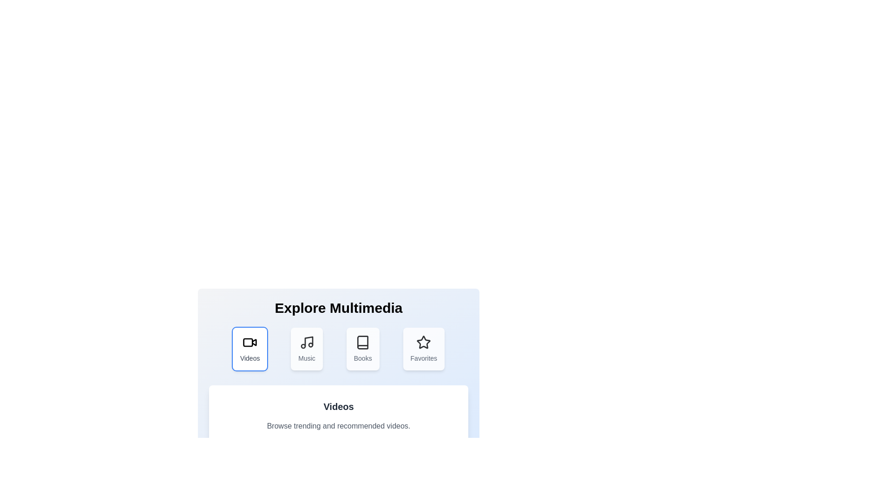  What do you see at coordinates (307, 349) in the screenshot?
I see `the tab labeled Music to view its content` at bounding box center [307, 349].